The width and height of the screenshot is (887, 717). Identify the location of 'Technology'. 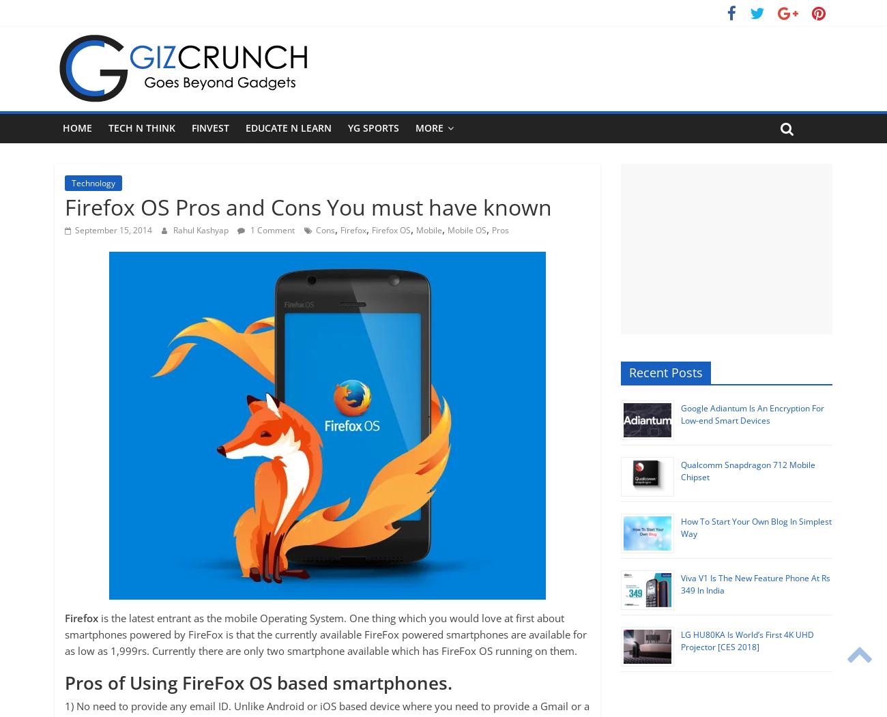
(93, 182).